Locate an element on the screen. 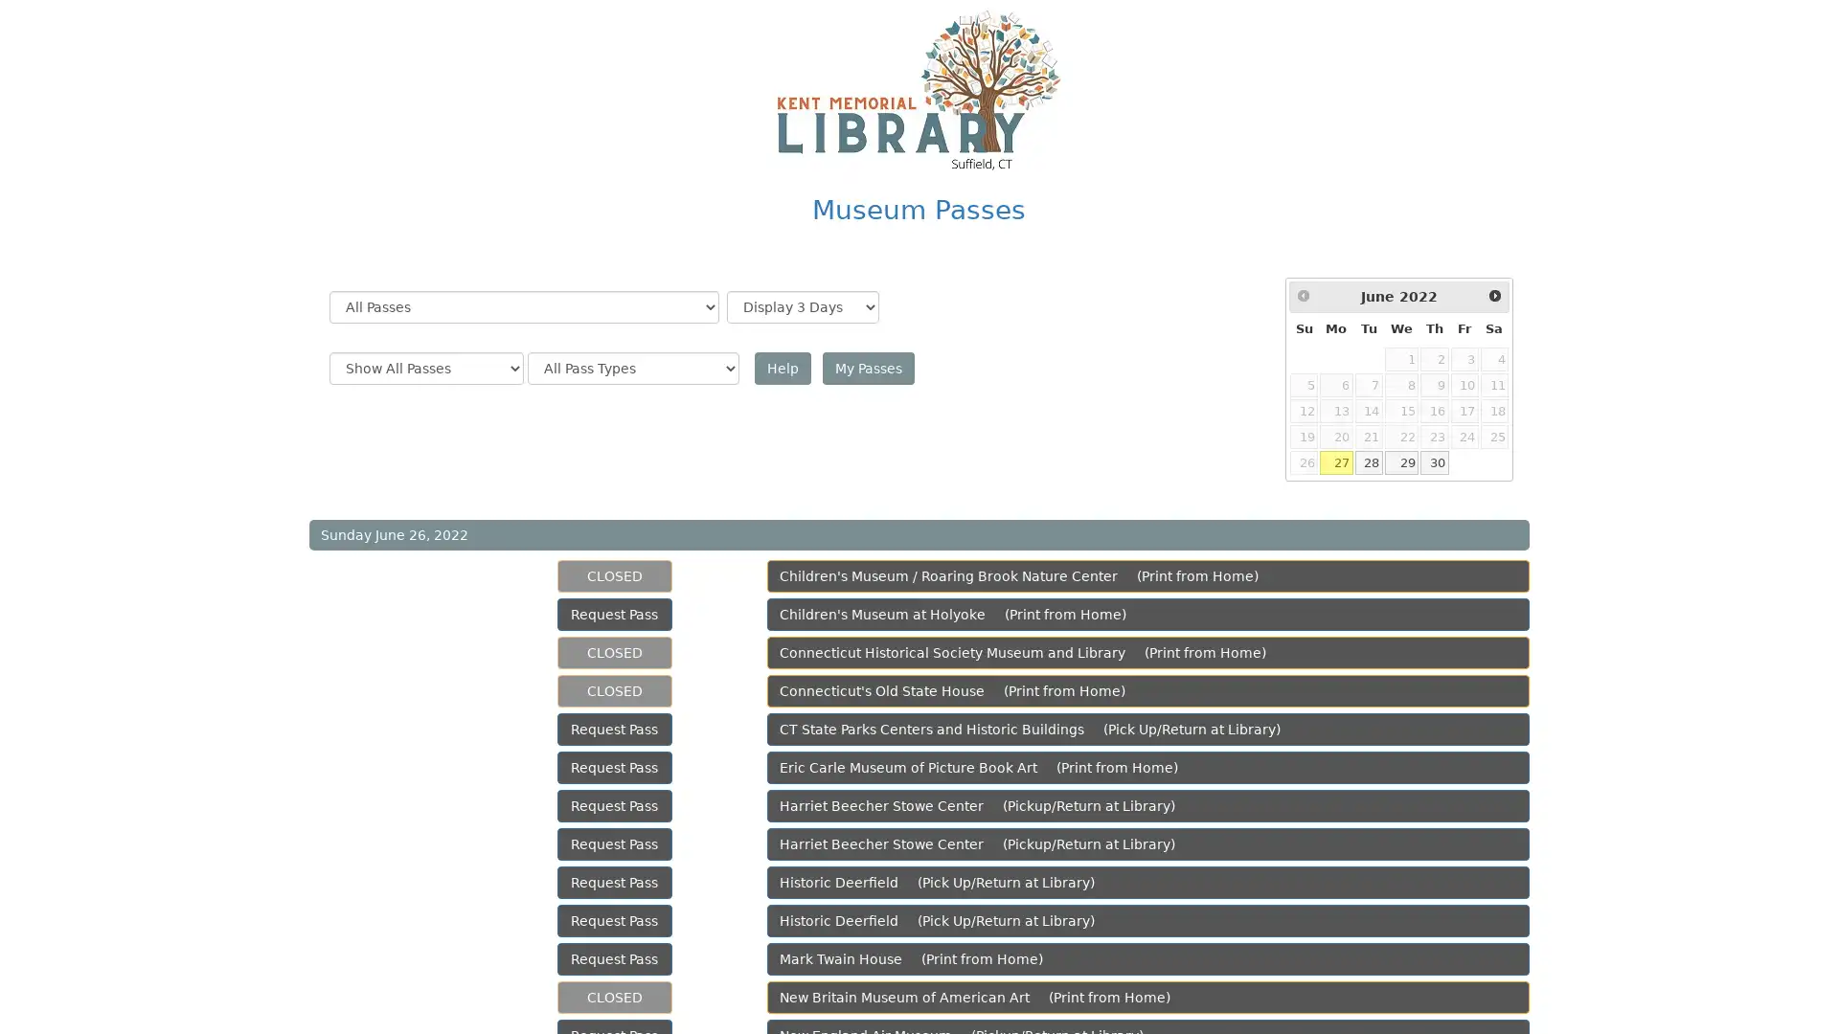 This screenshot has height=1034, width=1839. Harriet Beecher Stowe Center     (Pickup/Return at Library) is located at coordinates (1147, 805).